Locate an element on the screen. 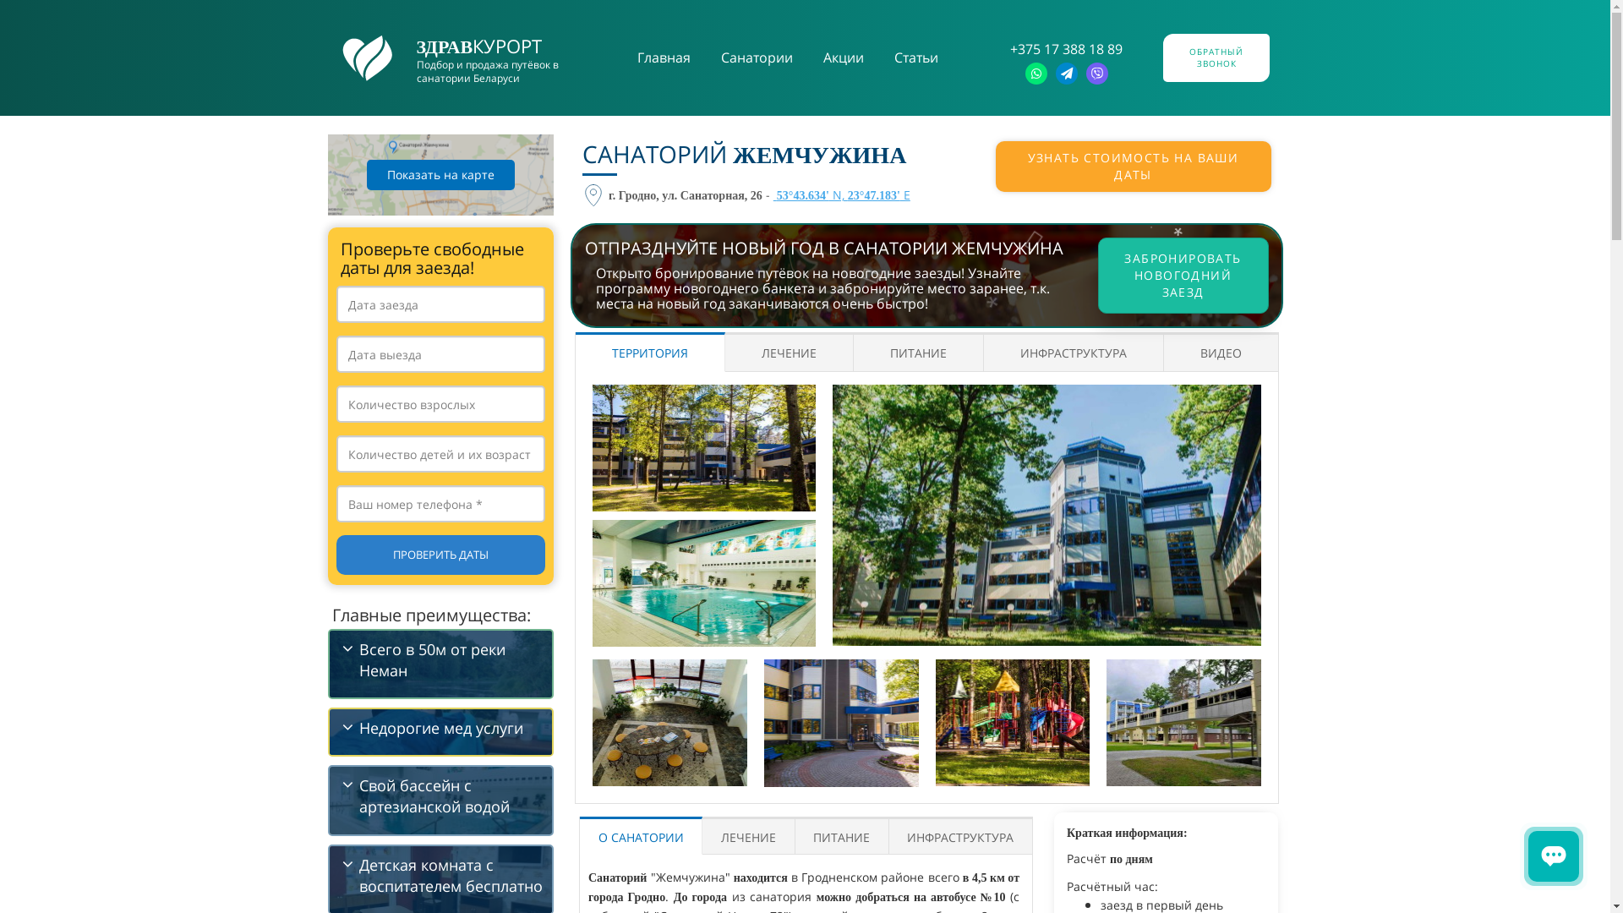 The image size is (1623, 913). '+375 17 388 18 89' is located at coordinates (1065, 47).